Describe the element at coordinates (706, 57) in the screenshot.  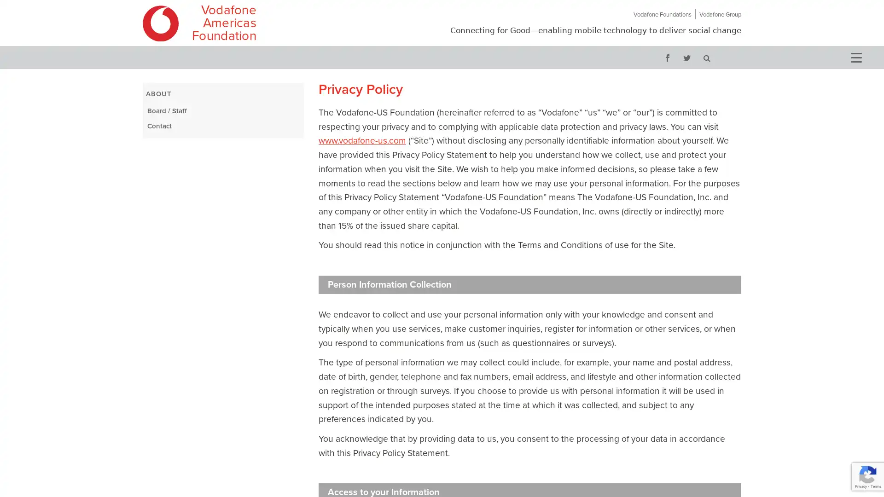
I see `GO` at that location.